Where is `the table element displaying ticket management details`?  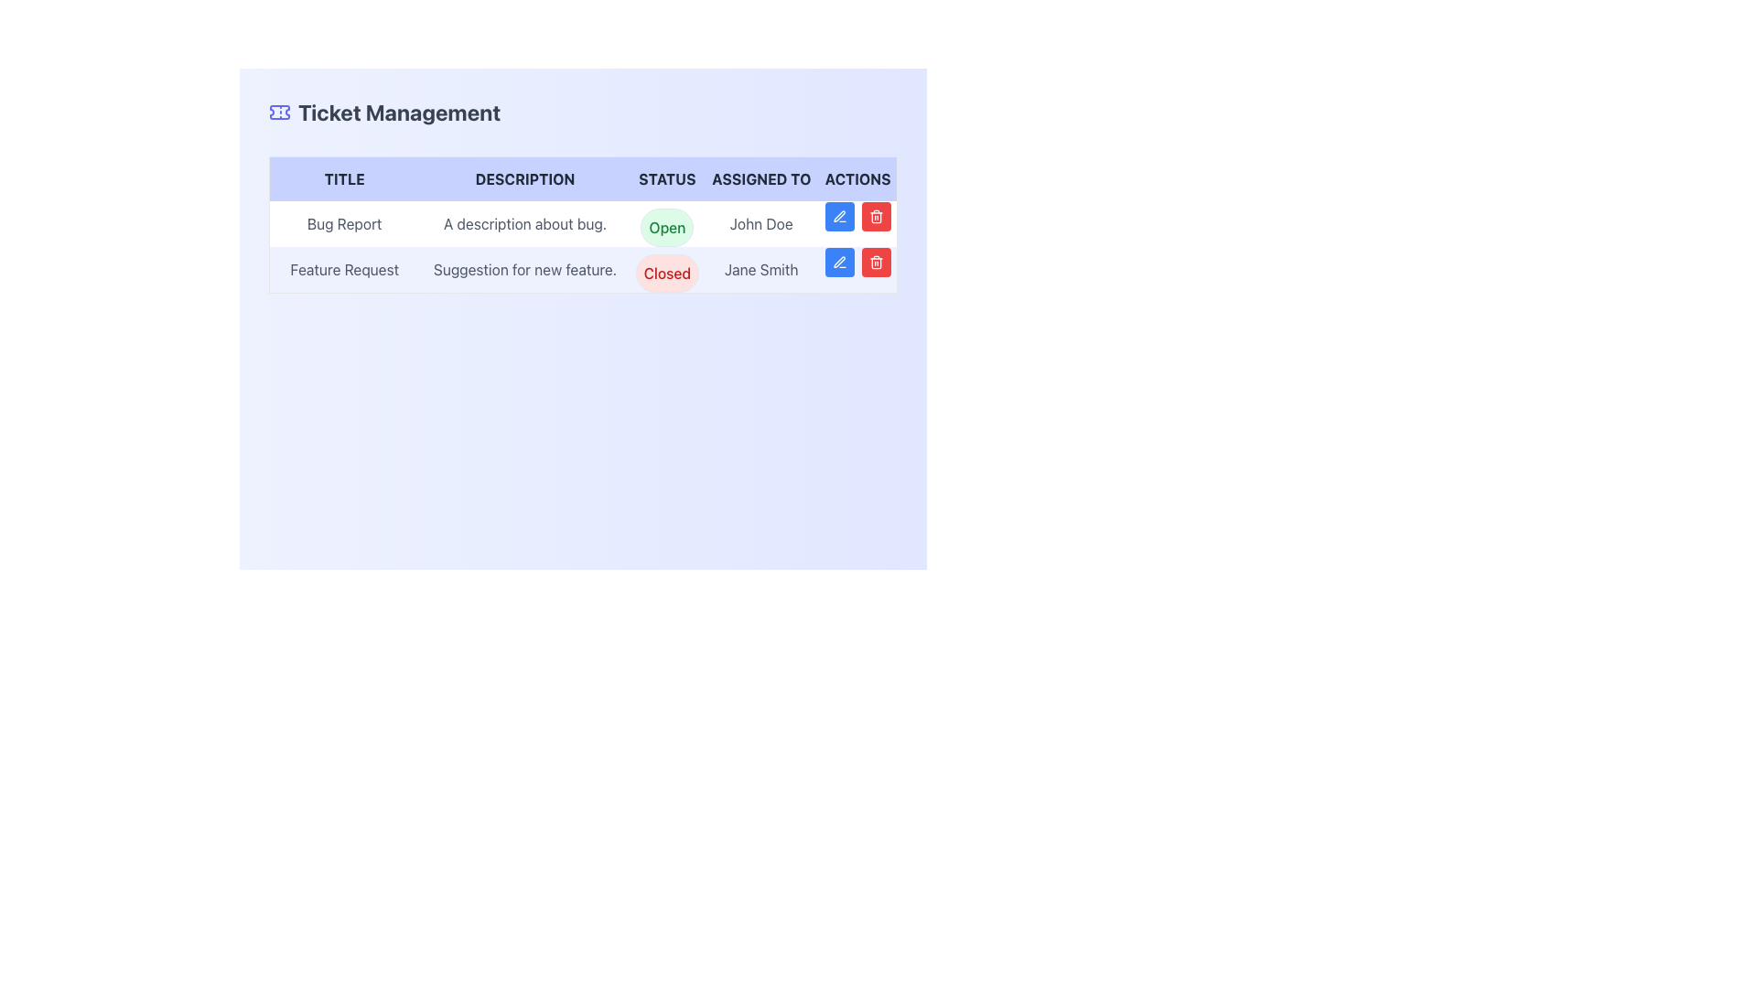 the table element displaying ticket management details is located at coordinates (582, 223).